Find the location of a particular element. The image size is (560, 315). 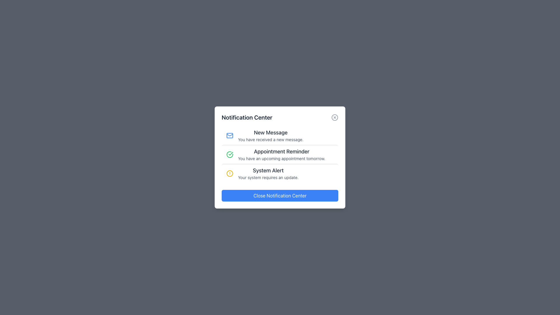

the static text element that displays the notification for the upcoming appointment, located in the second notification entry of the notification panel is located at coordinates (281, 158).